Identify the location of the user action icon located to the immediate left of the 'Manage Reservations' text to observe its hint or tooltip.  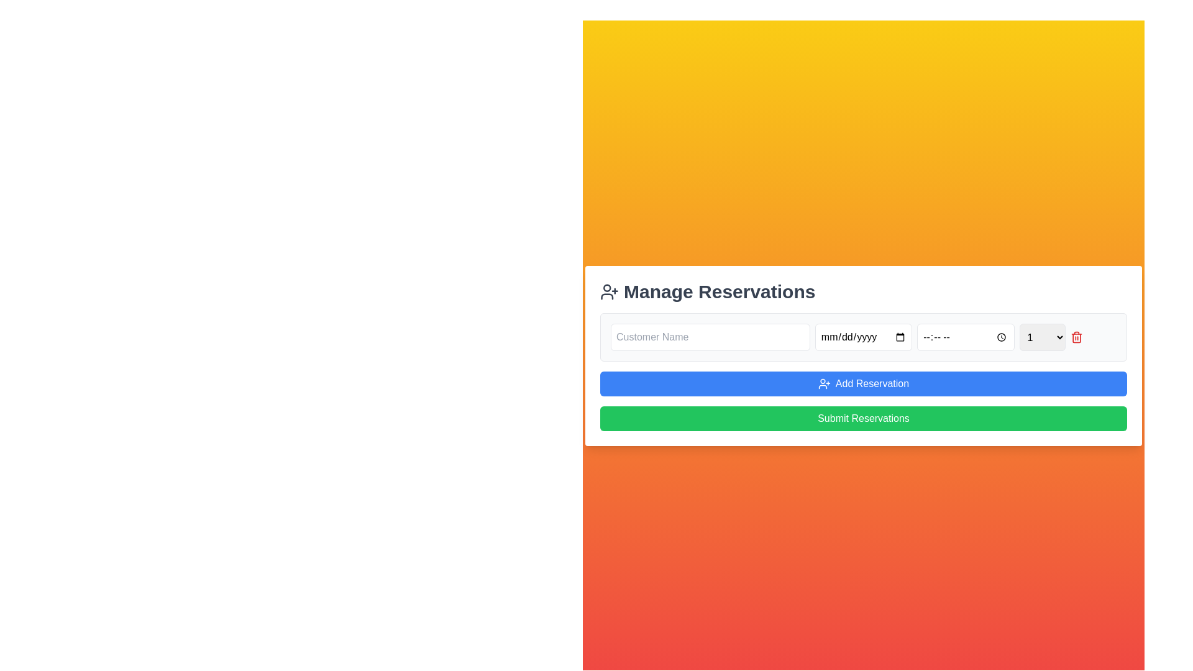
(609, 292).